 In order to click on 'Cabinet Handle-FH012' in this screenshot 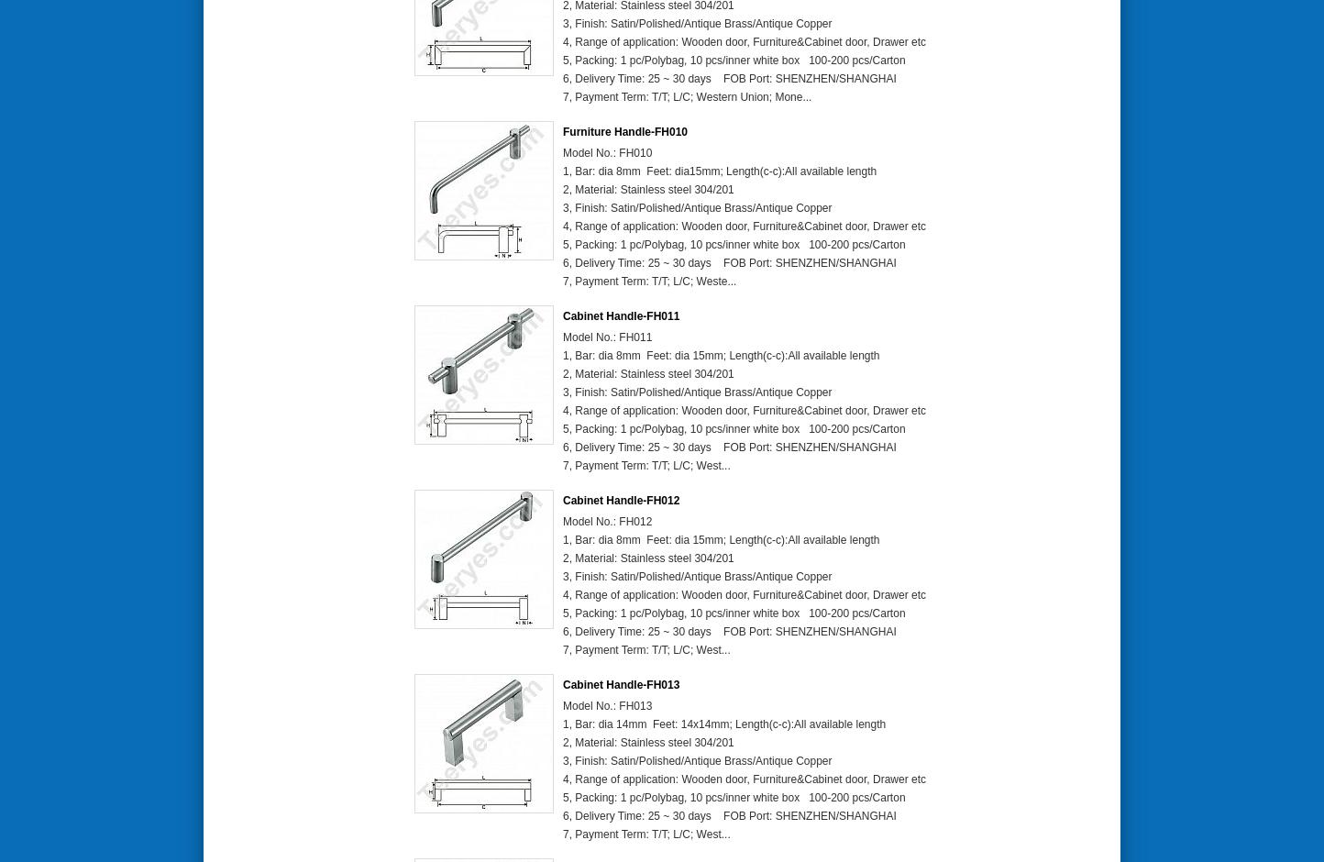, I will do `click(562, 500)`.